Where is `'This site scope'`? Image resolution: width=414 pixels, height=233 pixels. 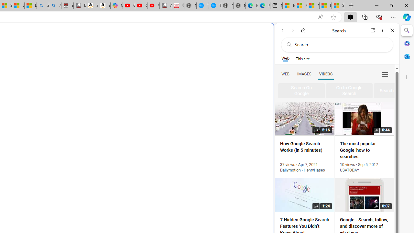 'This site scope' is located at coordinates (302, 58).